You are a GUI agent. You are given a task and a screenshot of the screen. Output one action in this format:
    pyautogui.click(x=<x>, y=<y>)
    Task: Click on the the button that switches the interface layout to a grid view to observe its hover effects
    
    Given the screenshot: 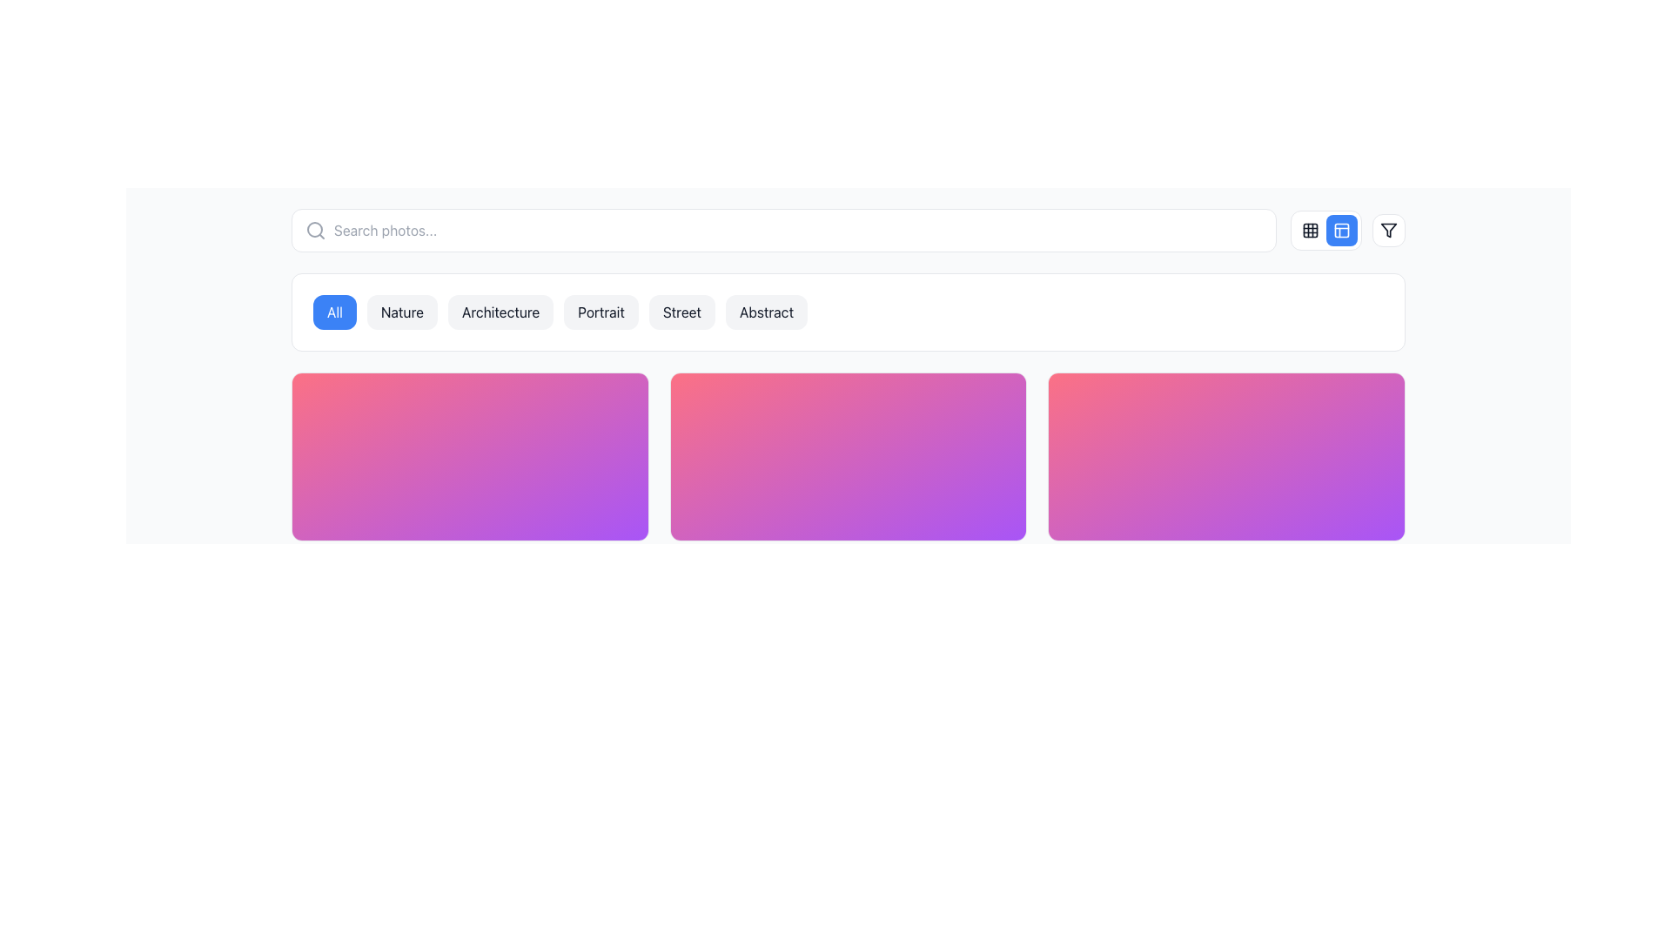 What is the action you would take?
    pyautogui.click(x=1311, y=230)
    